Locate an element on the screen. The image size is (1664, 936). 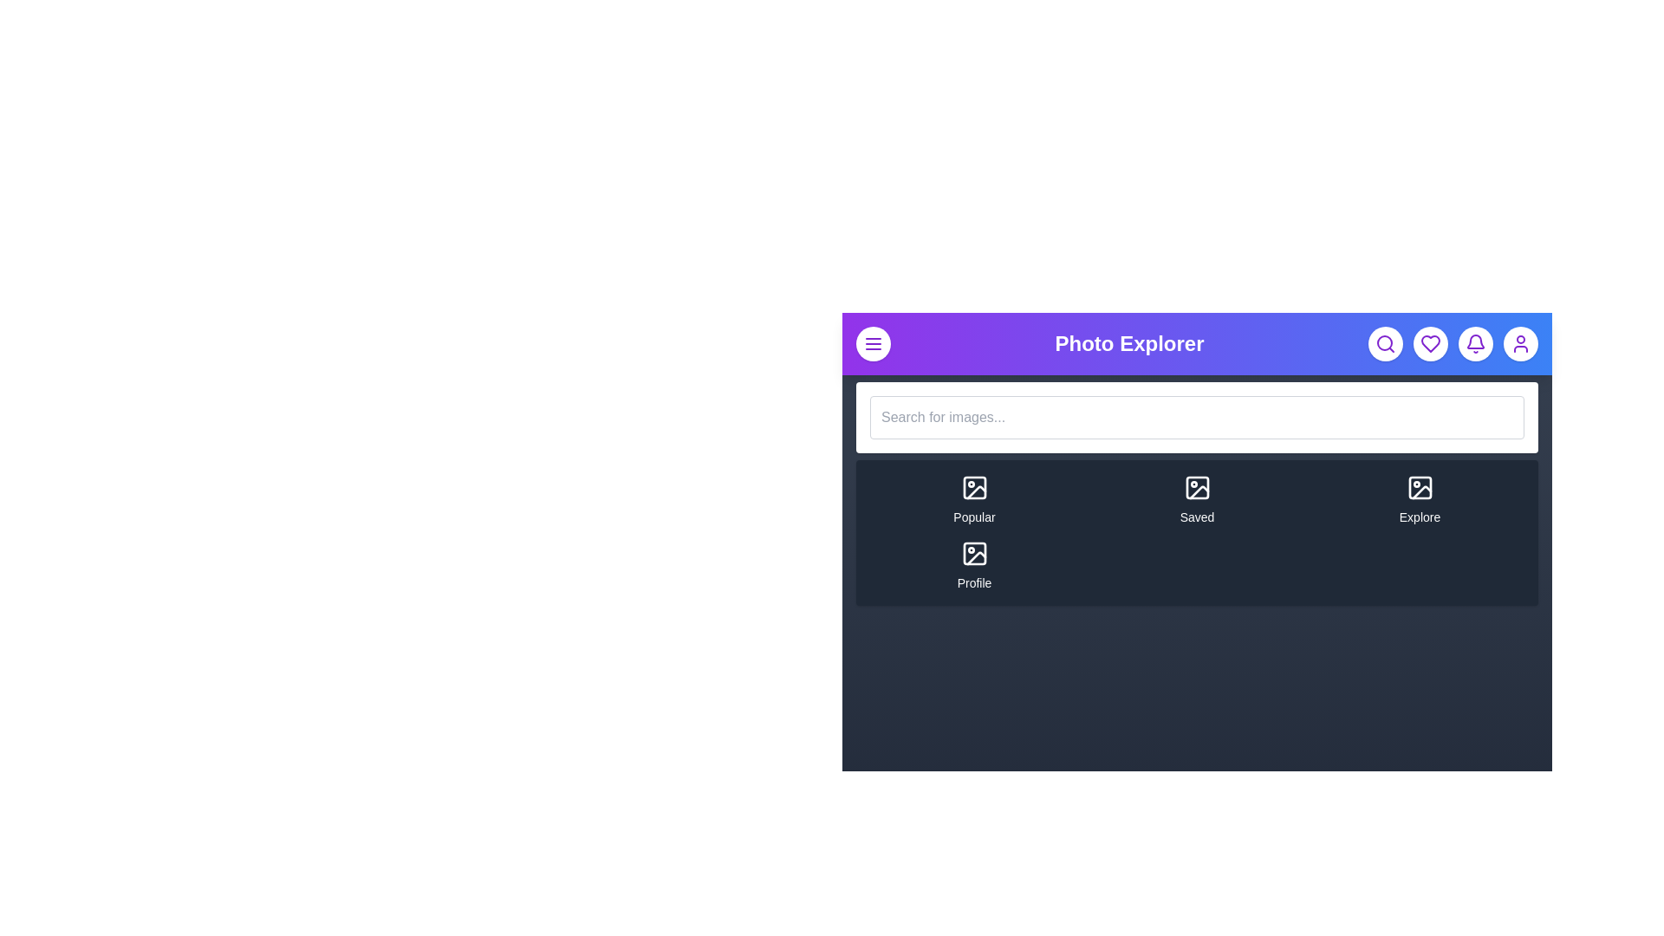
the navigation item Popular is located at coordinates (974, 500).